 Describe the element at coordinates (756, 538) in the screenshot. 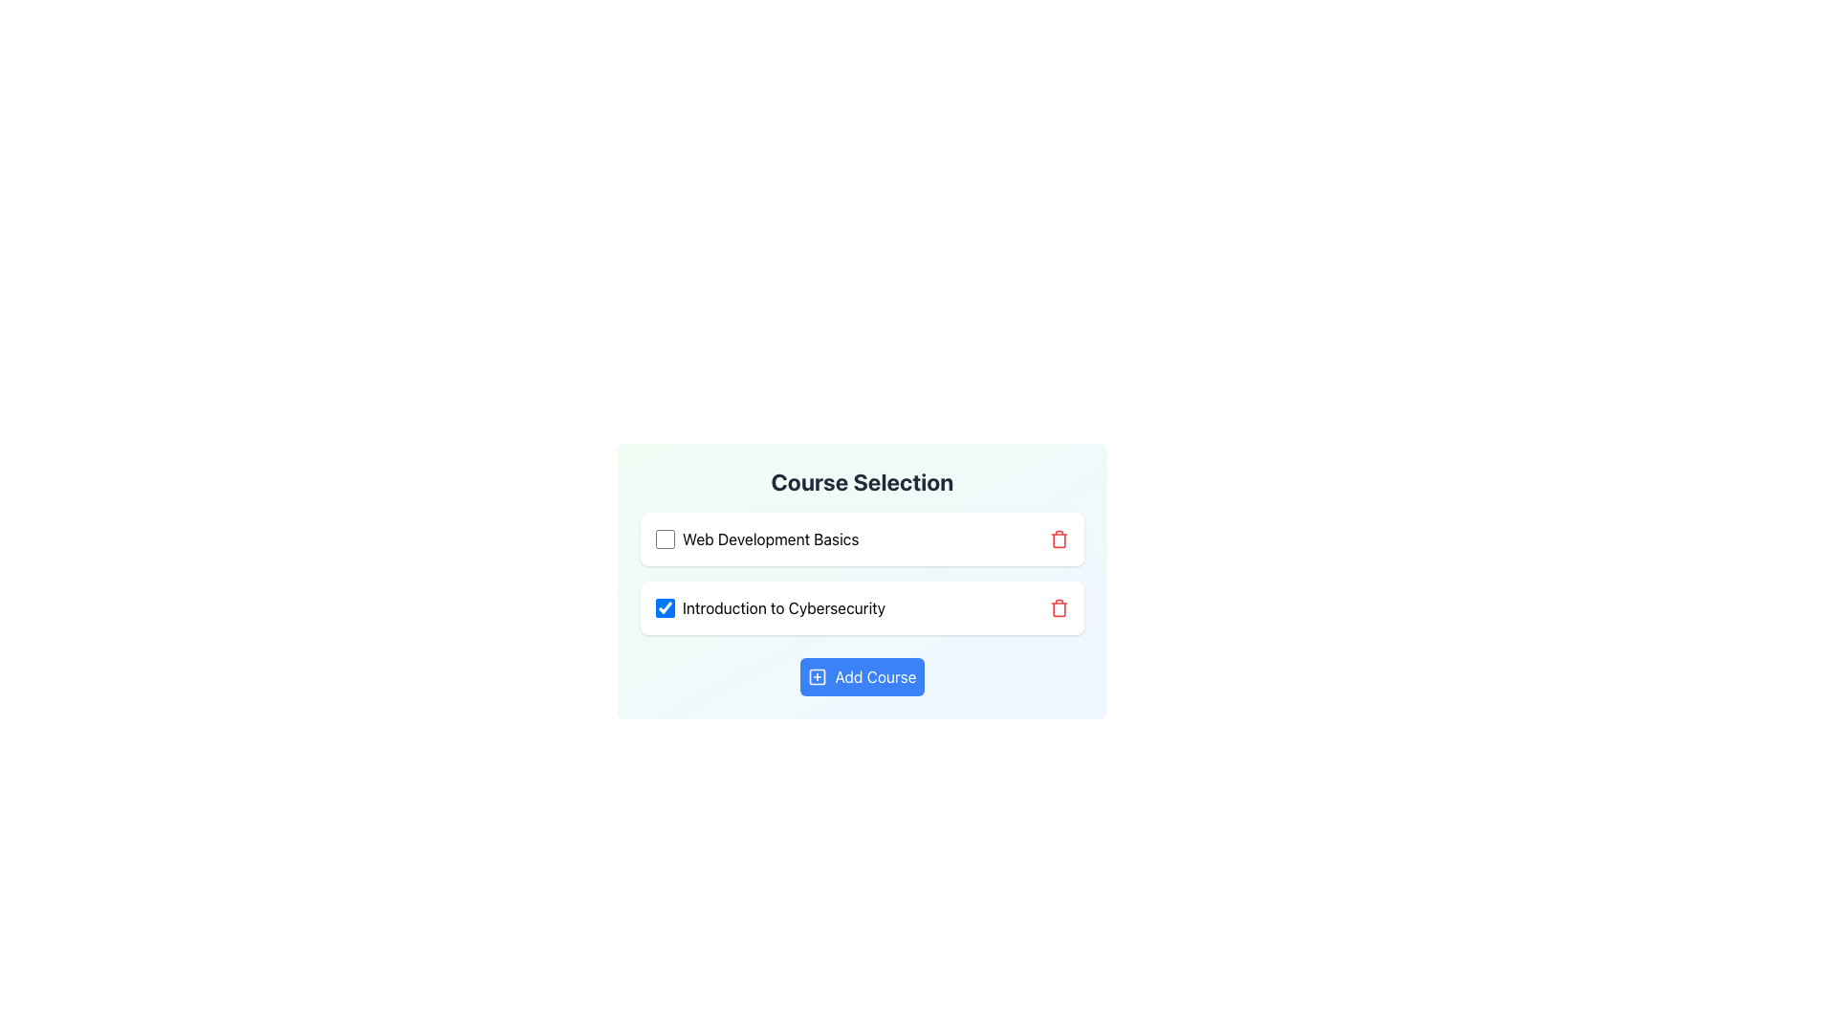

I see `the 'Web Development Basics' checkbox` at that location.